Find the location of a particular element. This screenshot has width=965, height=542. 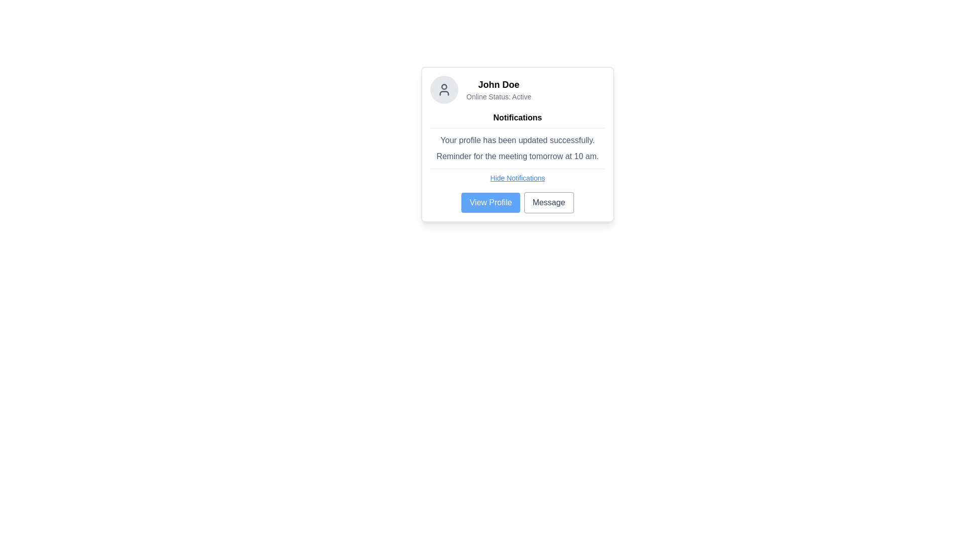

the profile details button located in the lower section of the user profile card is located at coordinates (491, 203).